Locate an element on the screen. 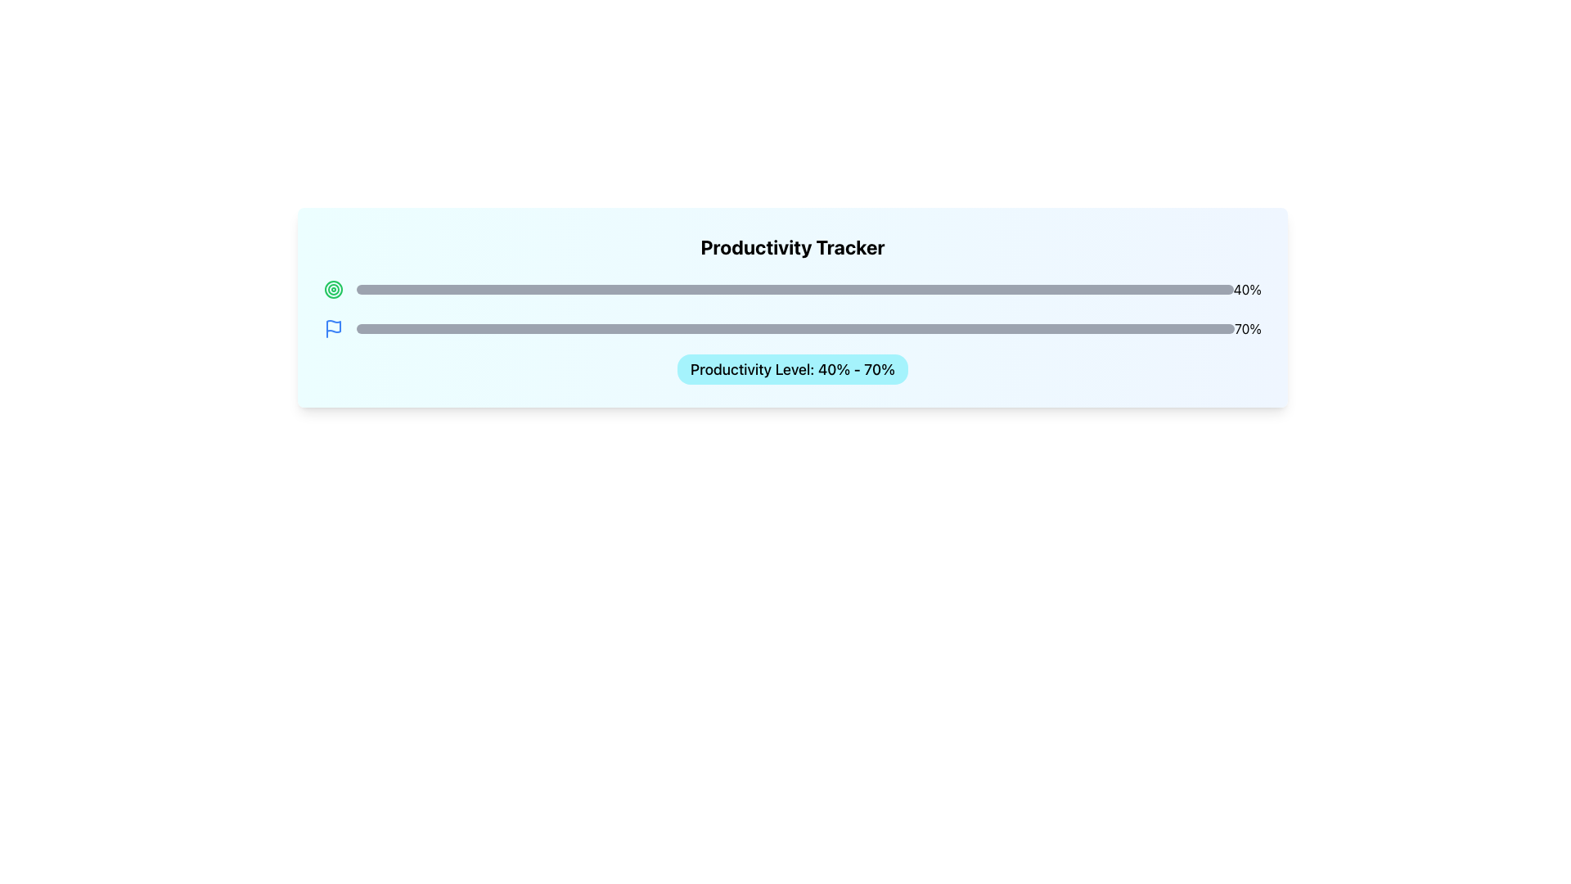 Image resolution: width=1571 pixels, height=884 pixels. the horizontal progress bar with rounded ends, which is styled with a light gray color and represents a visual progress indicator below the 'Productivity Tracker' label is located at coordinates (795, 289).